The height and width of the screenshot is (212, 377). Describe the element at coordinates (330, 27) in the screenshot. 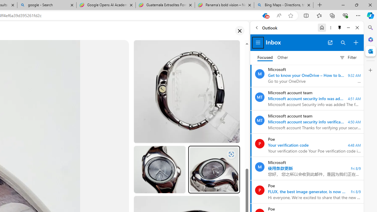

I see `'More options'` at that location.